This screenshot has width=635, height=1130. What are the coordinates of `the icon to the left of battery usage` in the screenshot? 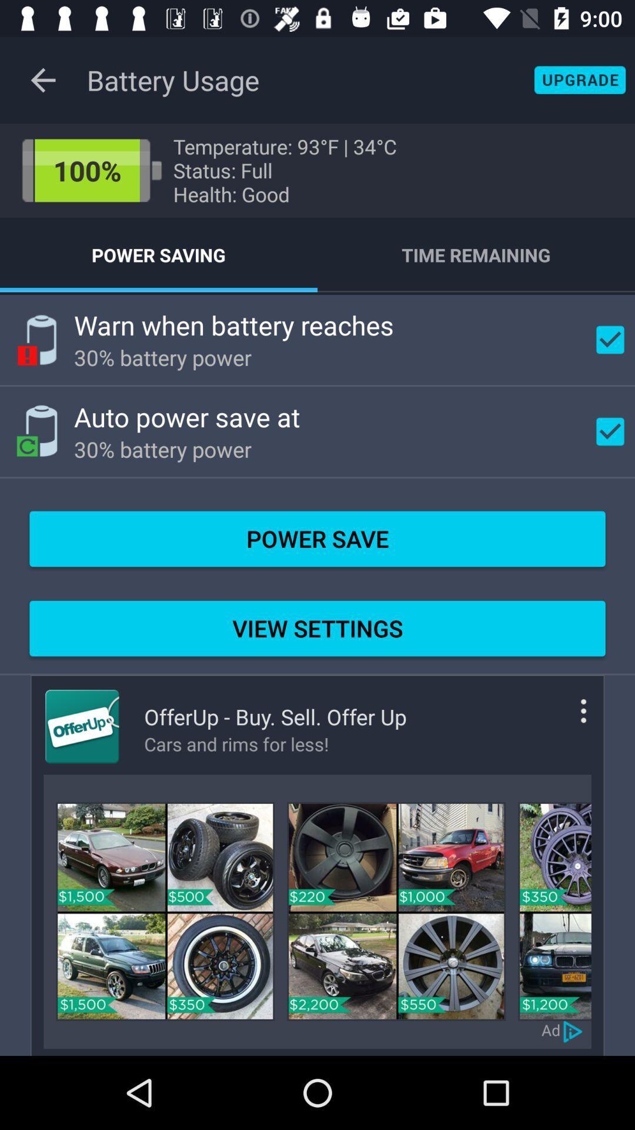 It's located at (42, 79).